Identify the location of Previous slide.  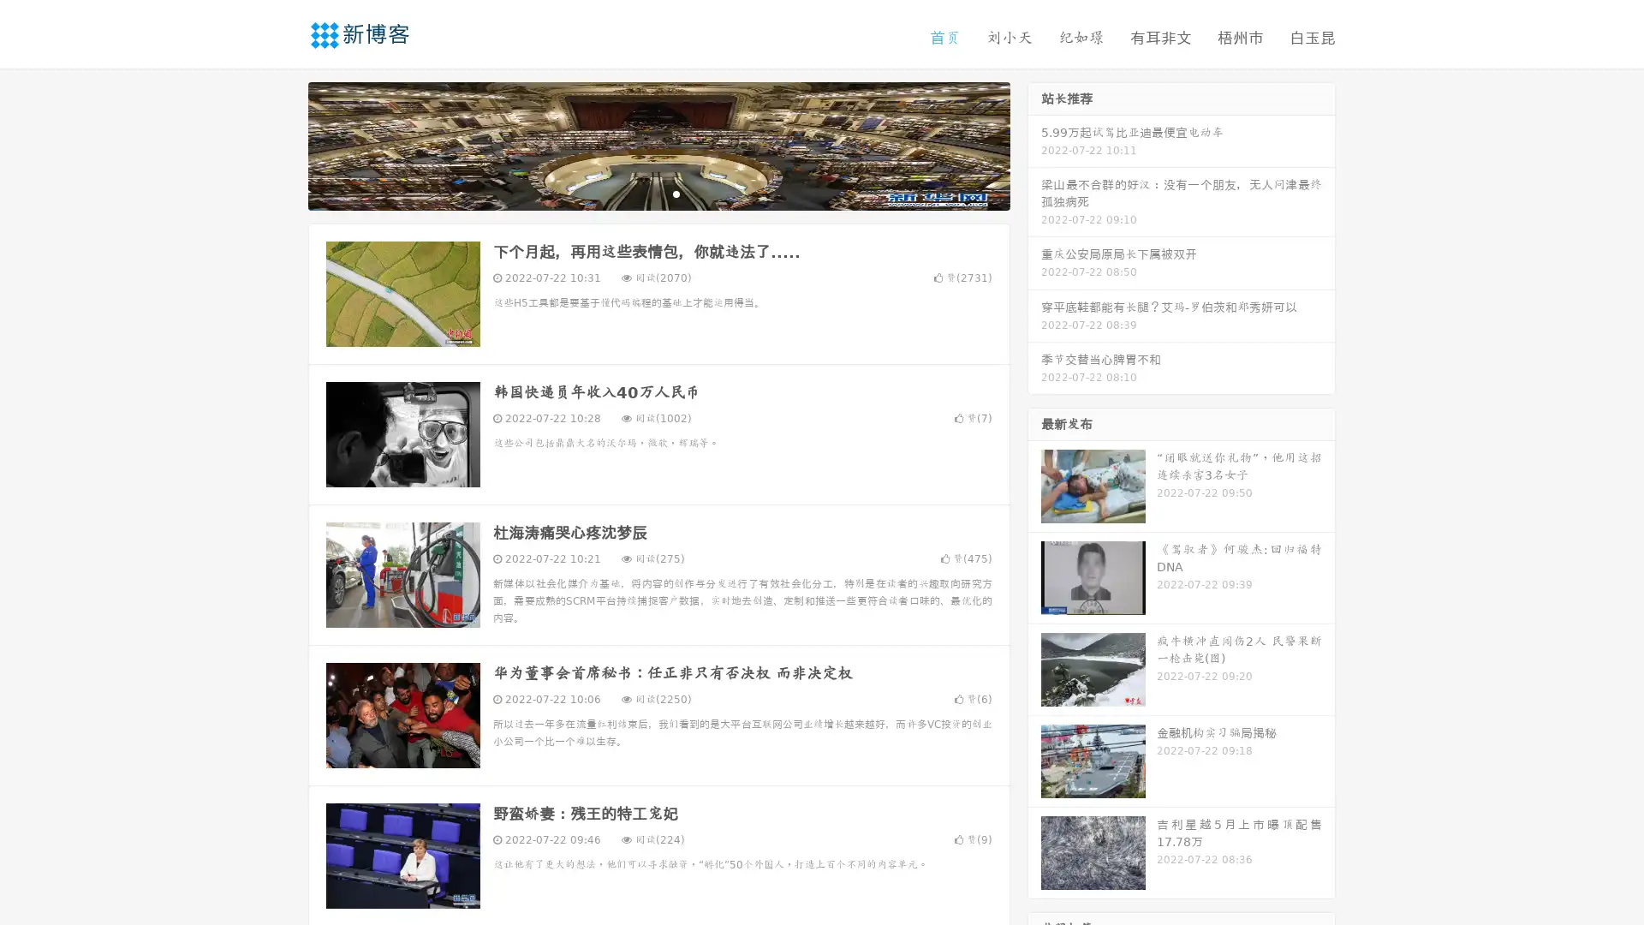
(283, 144).